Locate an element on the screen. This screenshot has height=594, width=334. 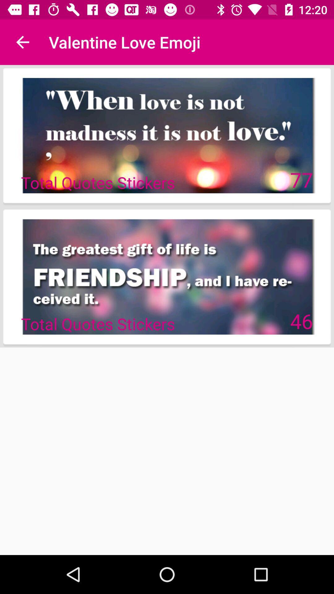
icon to the left of the valentine love emoji app is located at coordinates (22, 42).